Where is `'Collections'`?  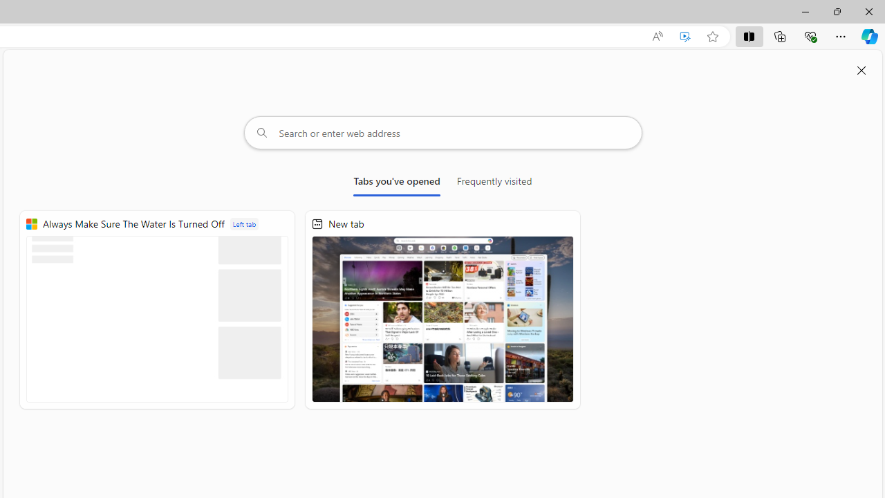
'Collections' is located at coordinates (780, 35).